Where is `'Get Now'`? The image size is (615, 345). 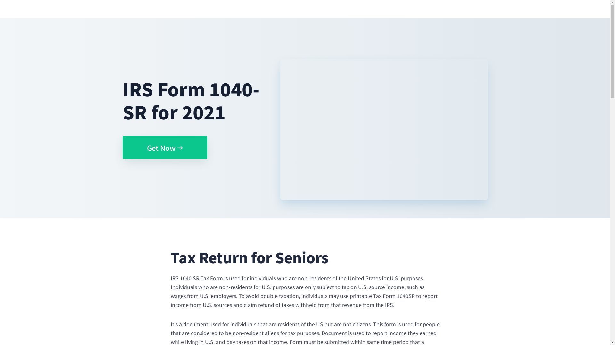 'Get Now' is located at coordinates (122, 148).